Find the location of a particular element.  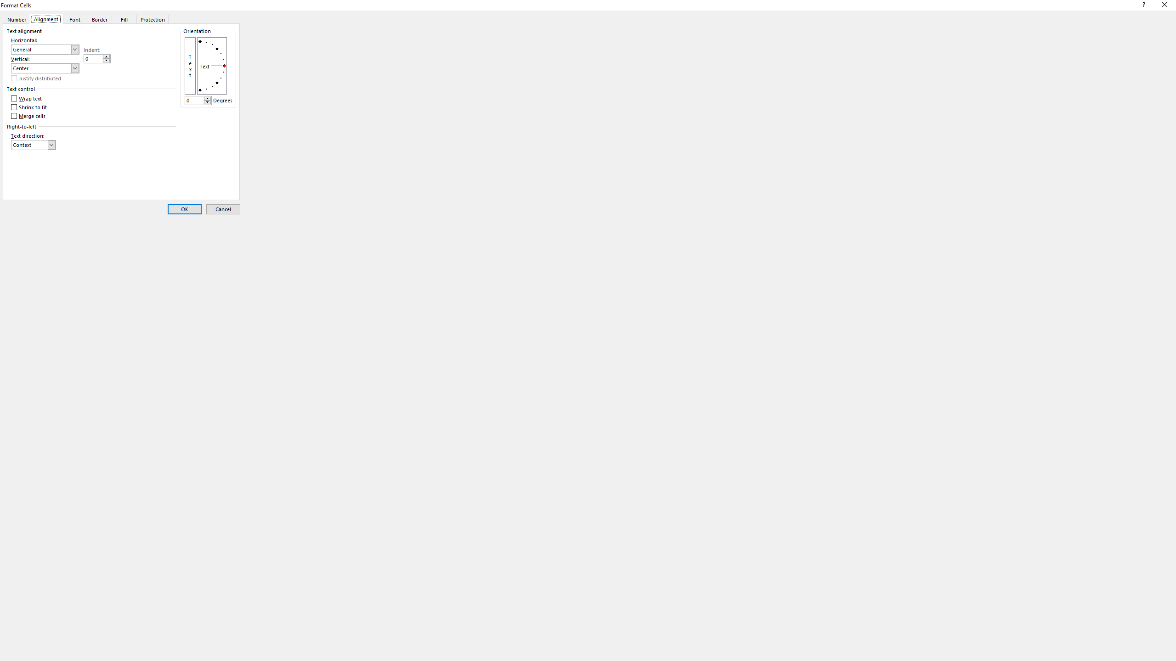

'Horizontal:' is located at coordinates (45, 49).